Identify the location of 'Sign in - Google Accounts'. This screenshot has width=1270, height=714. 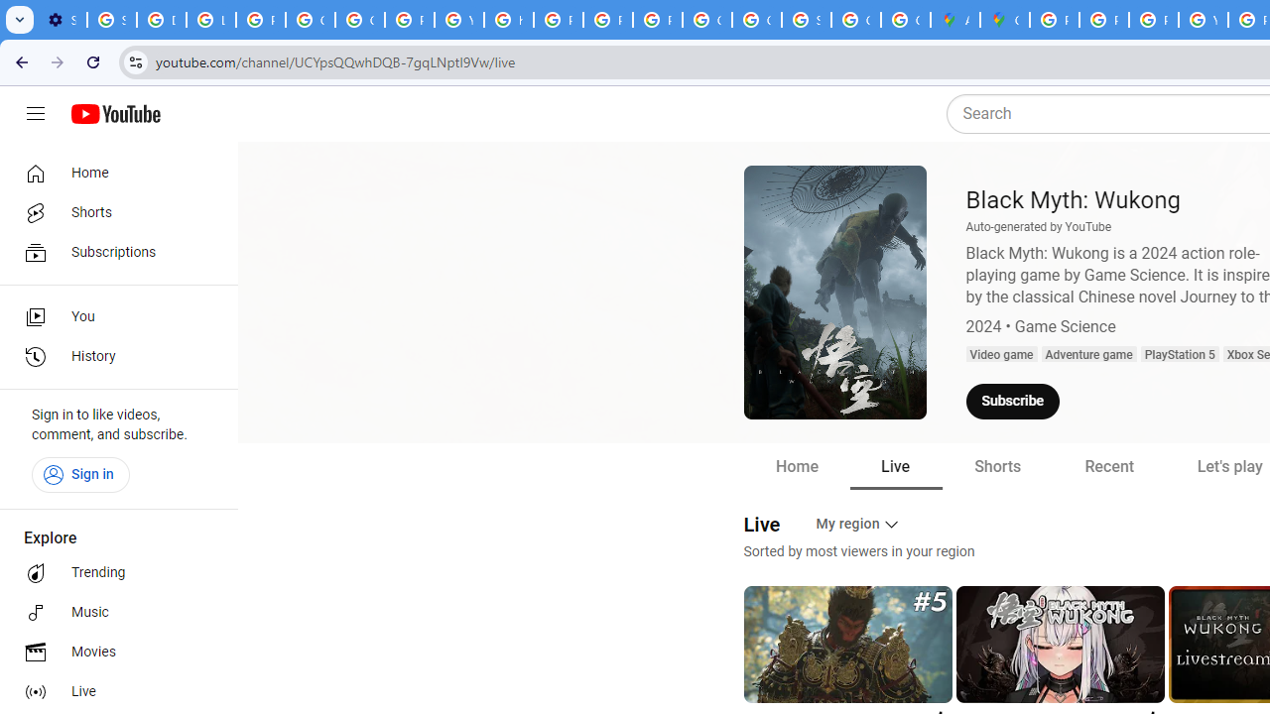
(111, 20).